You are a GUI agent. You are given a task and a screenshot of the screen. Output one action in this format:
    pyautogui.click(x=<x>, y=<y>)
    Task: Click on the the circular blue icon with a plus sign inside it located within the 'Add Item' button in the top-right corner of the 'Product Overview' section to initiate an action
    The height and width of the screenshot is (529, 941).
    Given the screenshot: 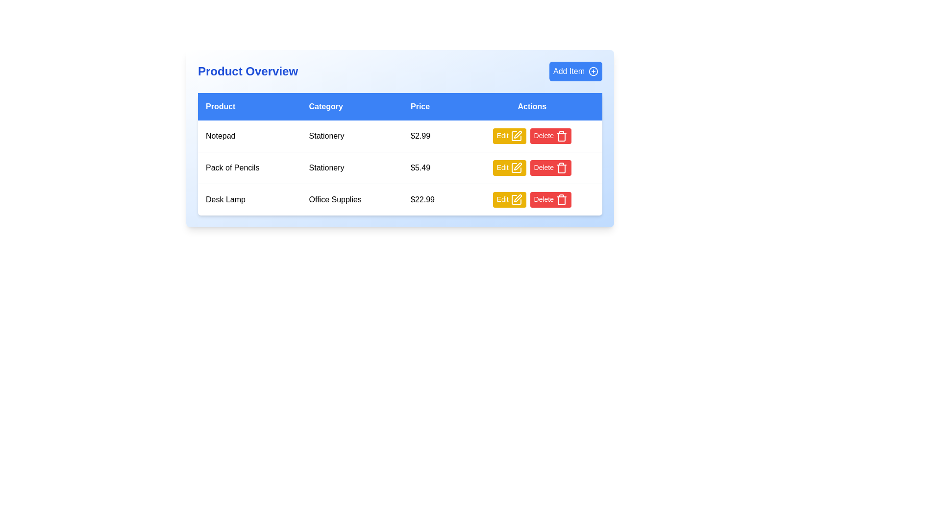 What is the action you would take?
    pyautogui.click(x=593, y=71)
    